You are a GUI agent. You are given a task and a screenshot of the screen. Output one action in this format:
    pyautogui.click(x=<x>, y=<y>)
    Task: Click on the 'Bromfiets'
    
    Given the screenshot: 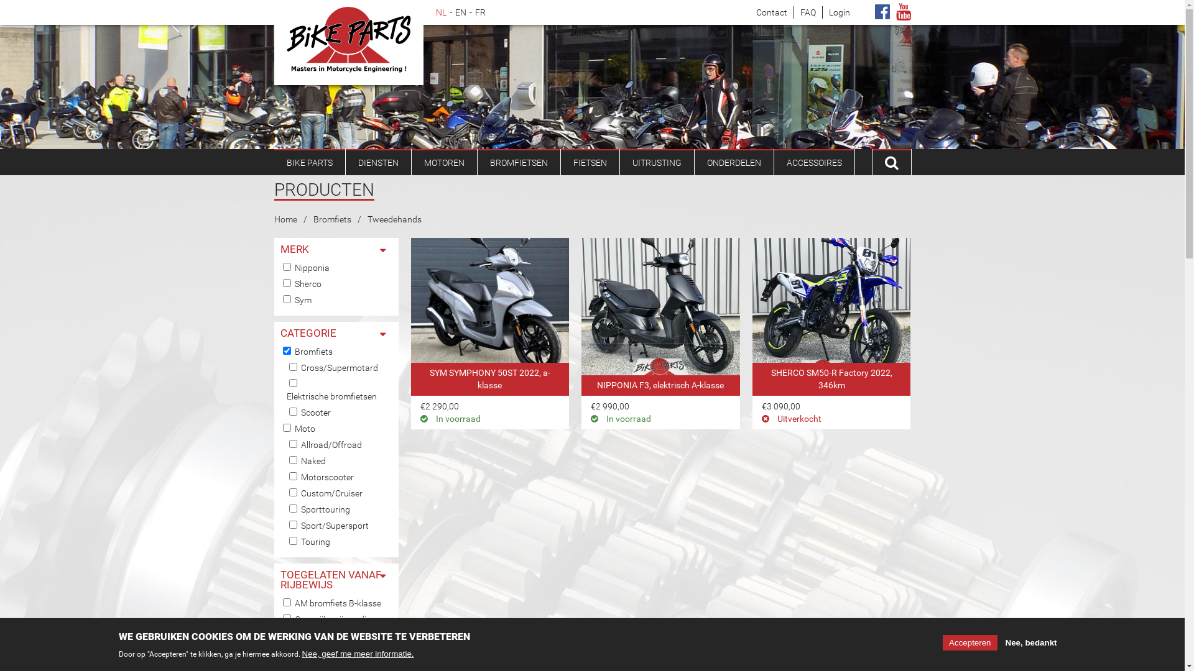 What is the action you would take?
    pyautogui.click(x=332, y=219)
    